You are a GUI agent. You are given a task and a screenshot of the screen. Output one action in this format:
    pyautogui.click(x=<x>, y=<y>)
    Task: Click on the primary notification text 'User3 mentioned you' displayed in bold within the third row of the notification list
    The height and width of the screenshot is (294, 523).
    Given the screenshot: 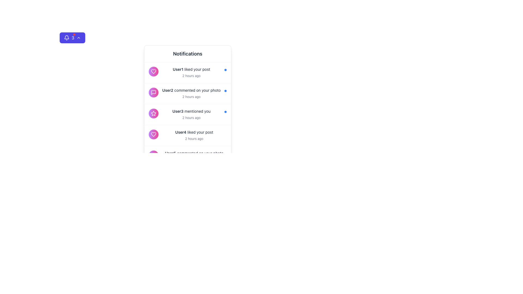 What is the action you would take?
    pyautogui.click(x=191, y=111)
    